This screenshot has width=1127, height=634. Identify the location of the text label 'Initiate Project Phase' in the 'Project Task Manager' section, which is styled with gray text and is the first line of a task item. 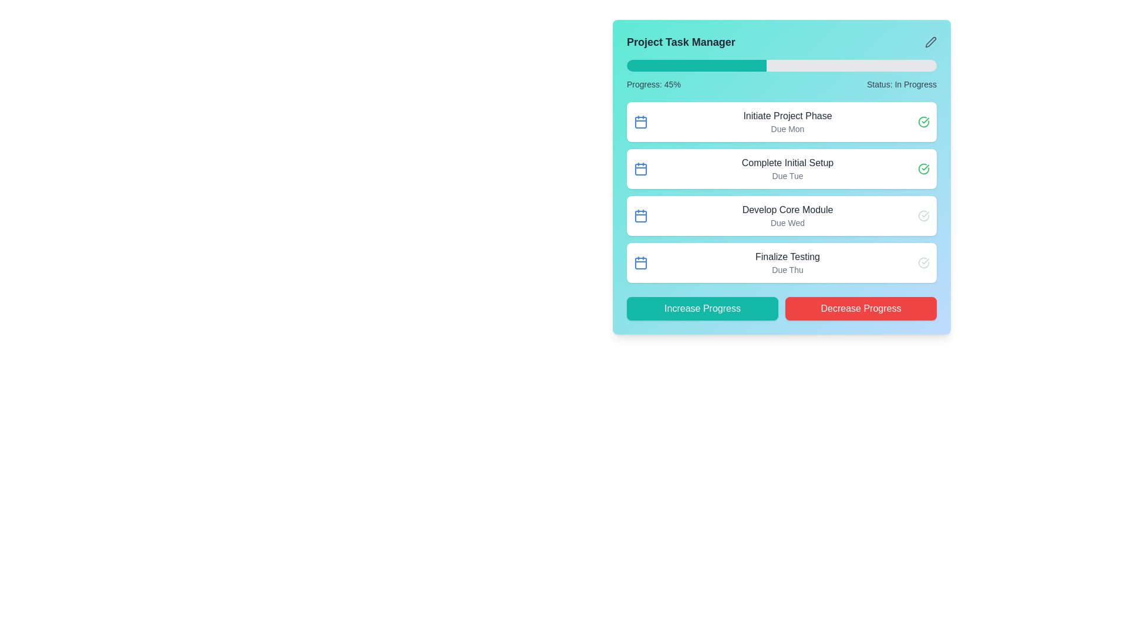
(788, 116).